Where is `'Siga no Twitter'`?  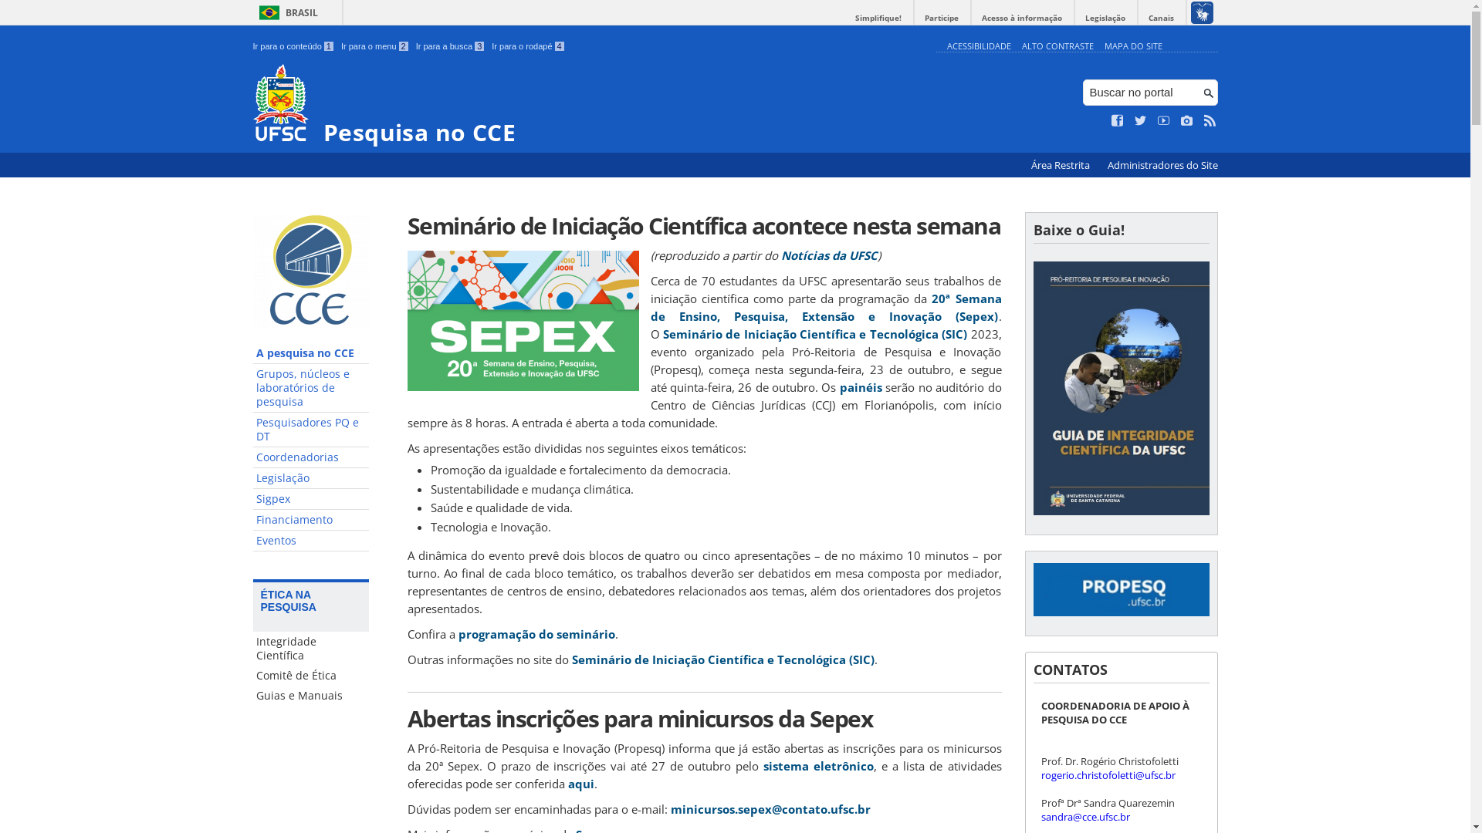 'Siga no Twitter' is located at coordinates (1134, 120).